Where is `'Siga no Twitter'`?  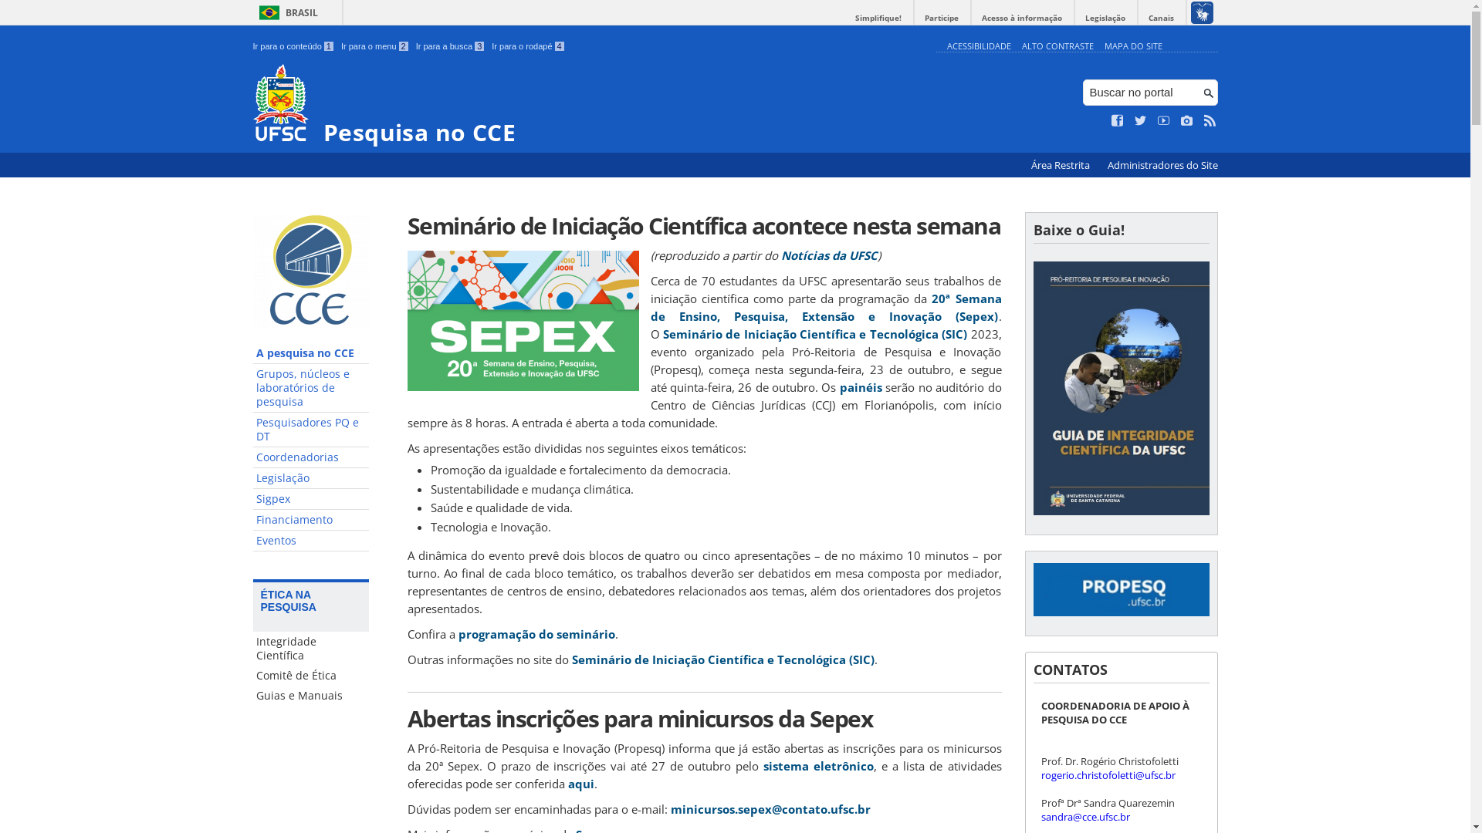 'Siga no Twitter' is located at coordinates (1134, 120).